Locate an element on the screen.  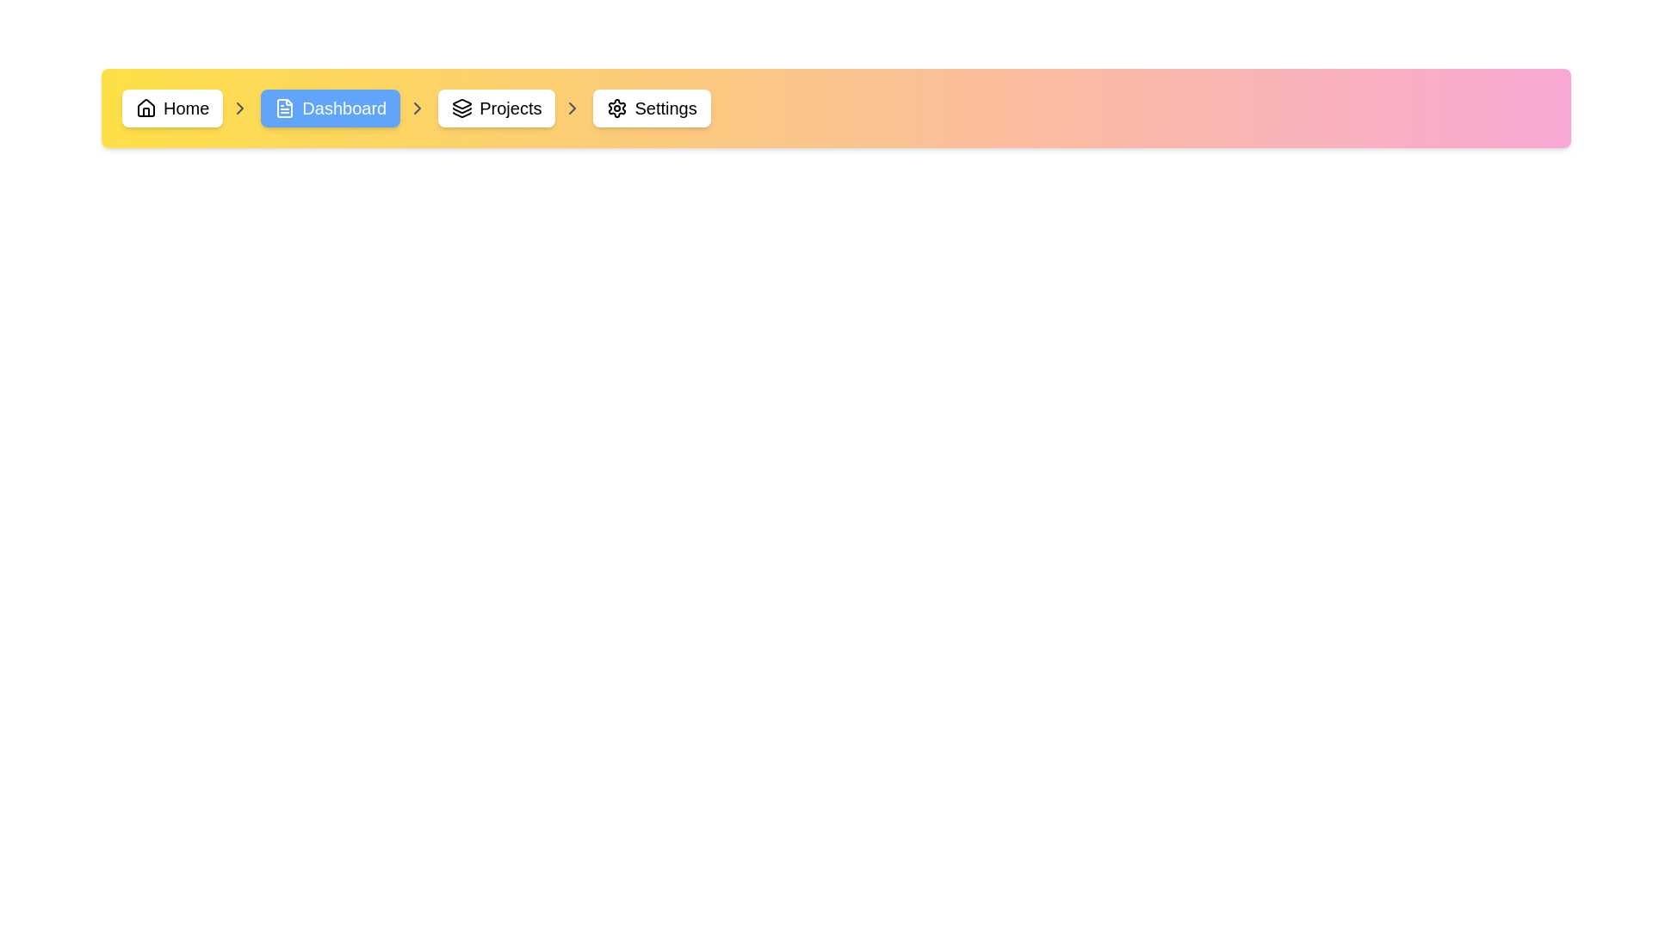
the breadcrumb text label that navigates to the dashboard section of the application is located at coordinates (344, 108).